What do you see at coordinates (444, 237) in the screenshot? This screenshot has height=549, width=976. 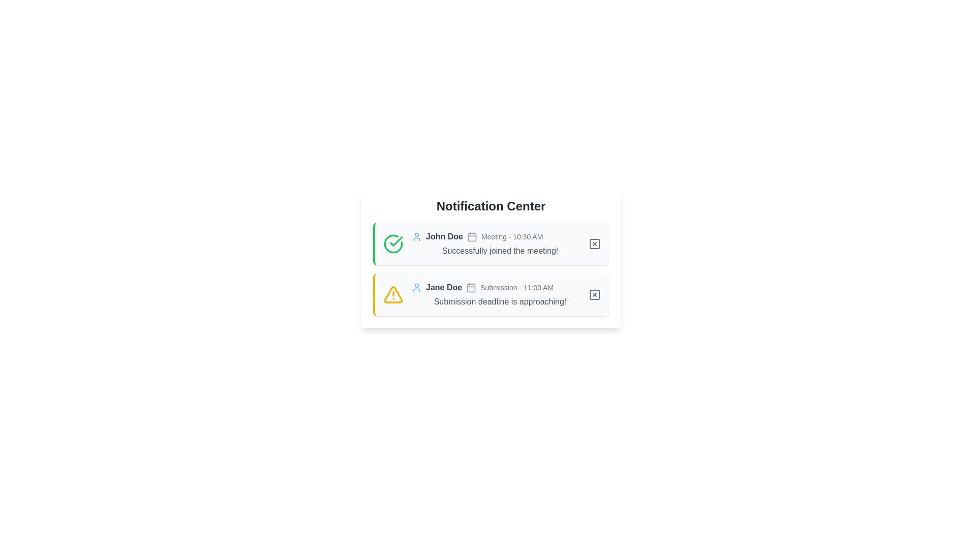 I see `the Label displaying 'John Doe' in bold gray font located within the notification card in the first row of the notification list in the Notification Center` at bounding box center [444, 237].